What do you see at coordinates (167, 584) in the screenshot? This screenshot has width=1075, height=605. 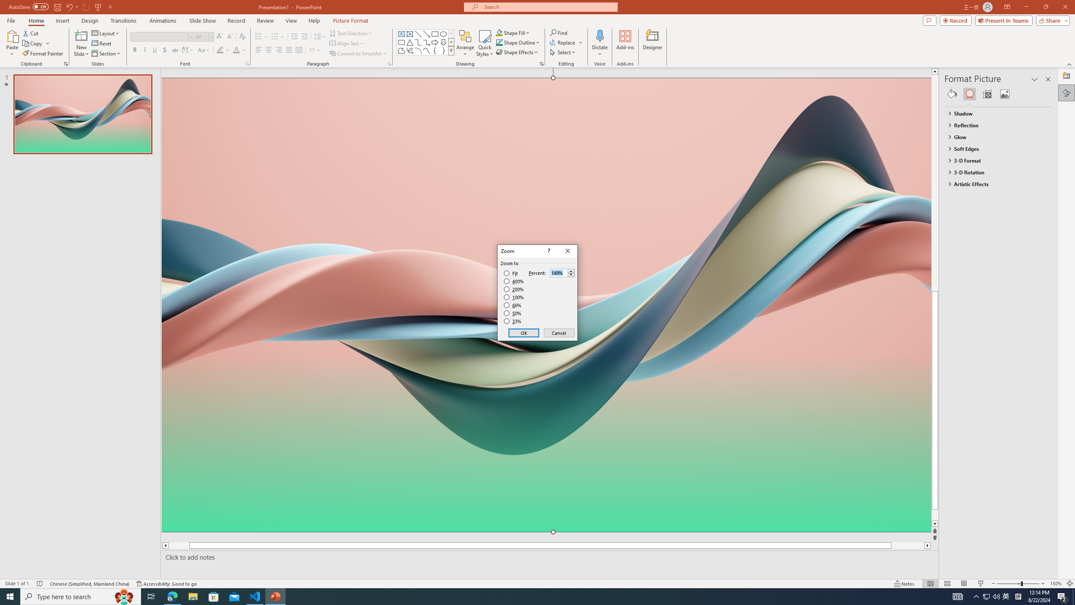 I see `'Accessibility Checker Accessibility: Good to go'` at bounding box center [167, 584].